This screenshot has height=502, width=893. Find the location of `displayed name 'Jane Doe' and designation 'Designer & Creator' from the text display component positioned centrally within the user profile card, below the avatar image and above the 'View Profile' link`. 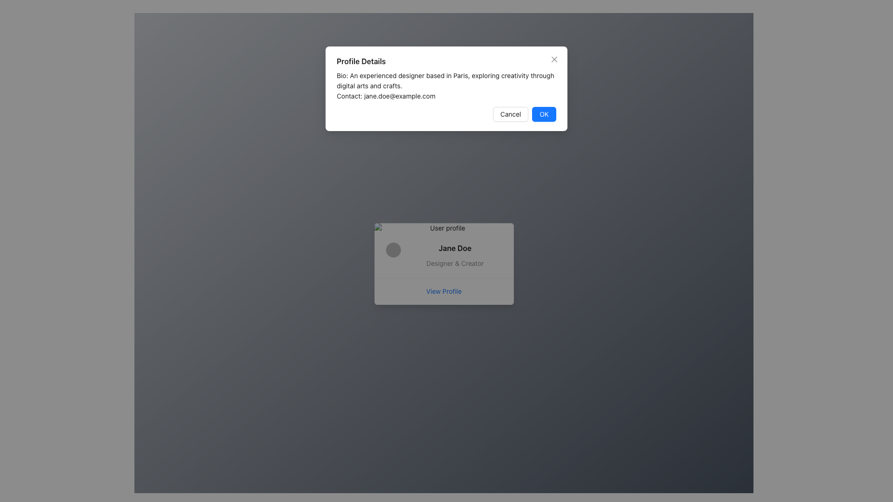

displayed name 'Jane Doe' and designation 'Designer & Creator' from the text display component positioned centrally within the user profile card, below the avatar image and above the 'View Profile' link is located at coordinates (443, 255).